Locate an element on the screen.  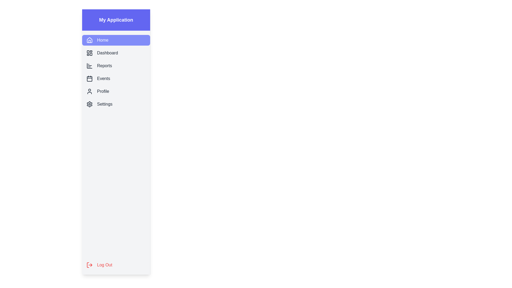
the 'Settings' text label located in the vertical navigation panel, beneath the 'Profile' item, next to the settings gear icon is located at coordinates (105, 104).